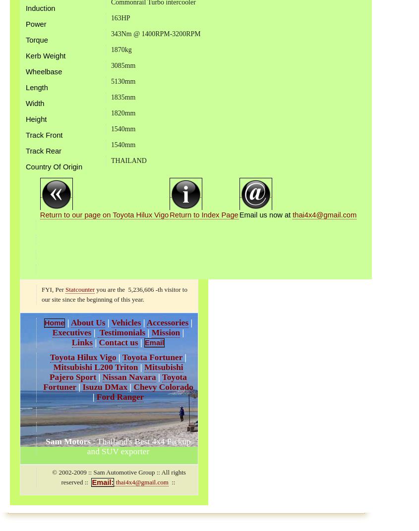 This screenshot has width=419, height=531. What do you see at coordinates (128, 159) in the screenshot?
I see `'THAILAND'` at bounding box center [128, 159].